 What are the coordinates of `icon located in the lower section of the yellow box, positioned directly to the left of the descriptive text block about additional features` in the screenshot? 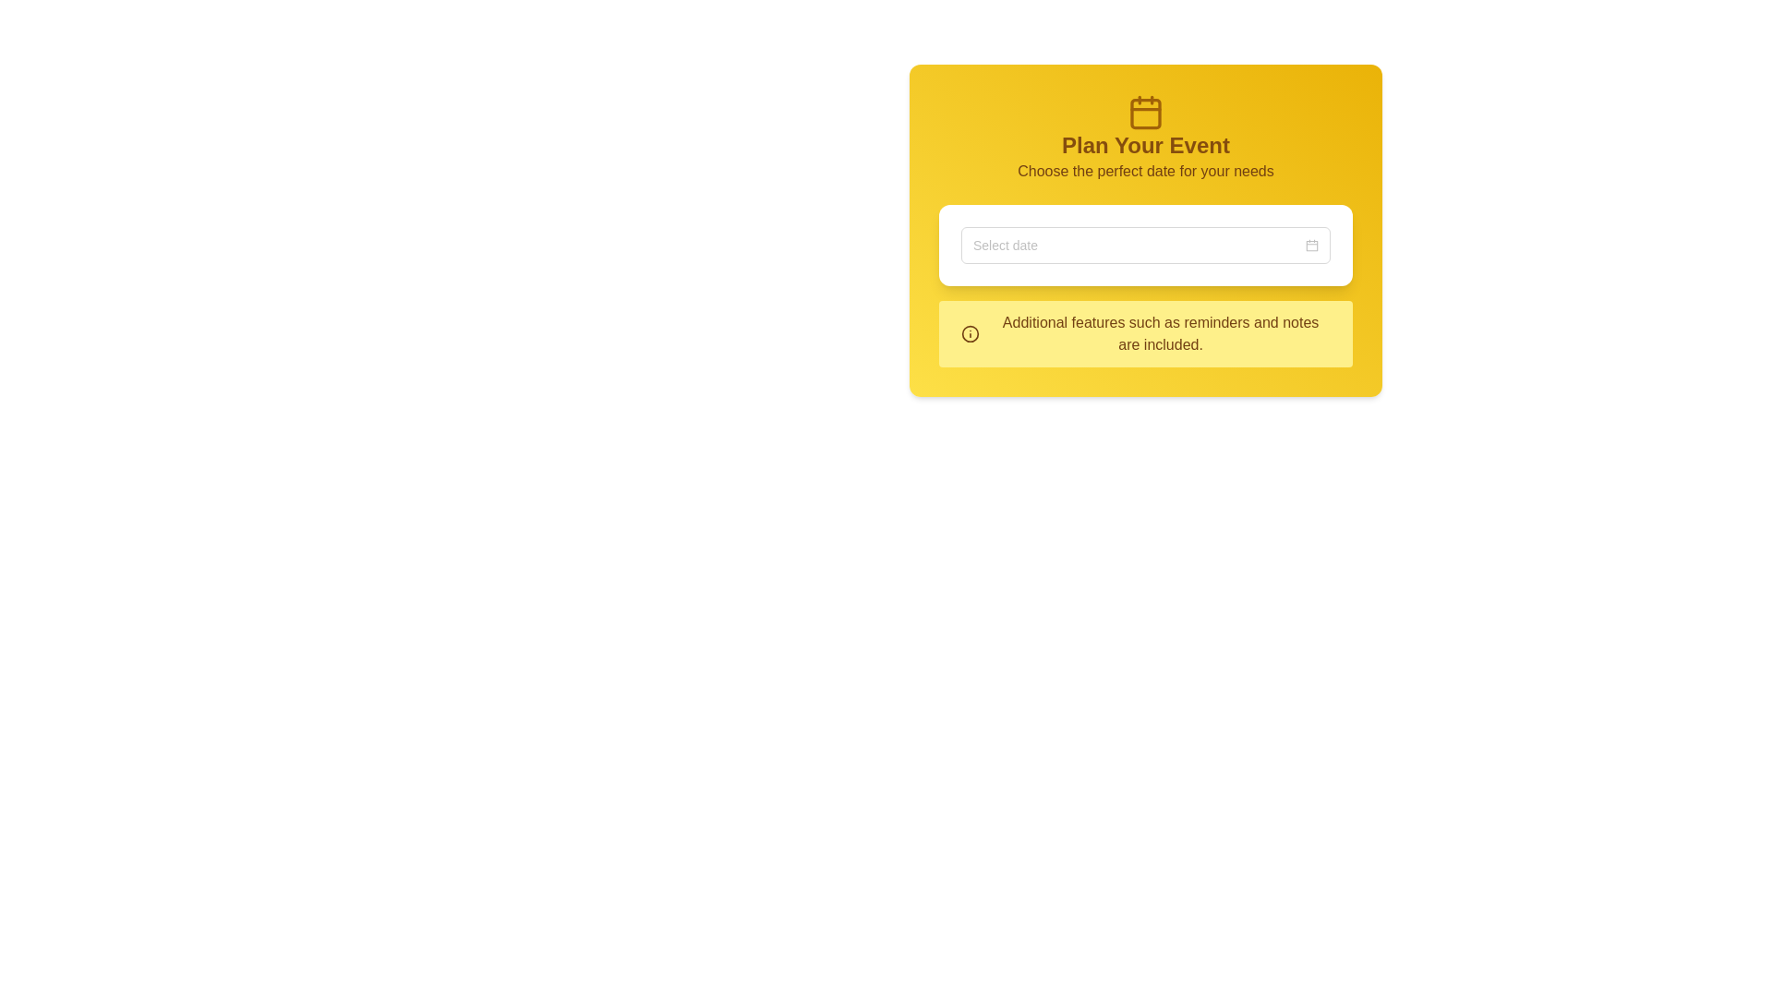 It's located at (970, 334).